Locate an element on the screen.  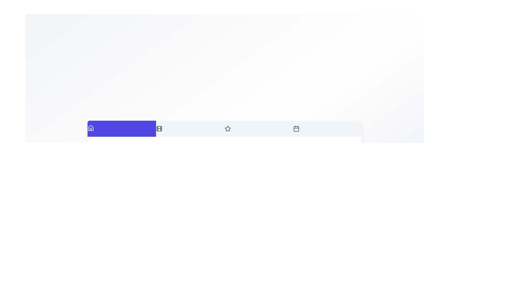
the star icon button, which is a minimalistic gray star icon located in the center of a navigation bar is located at coordinates (228, 128).